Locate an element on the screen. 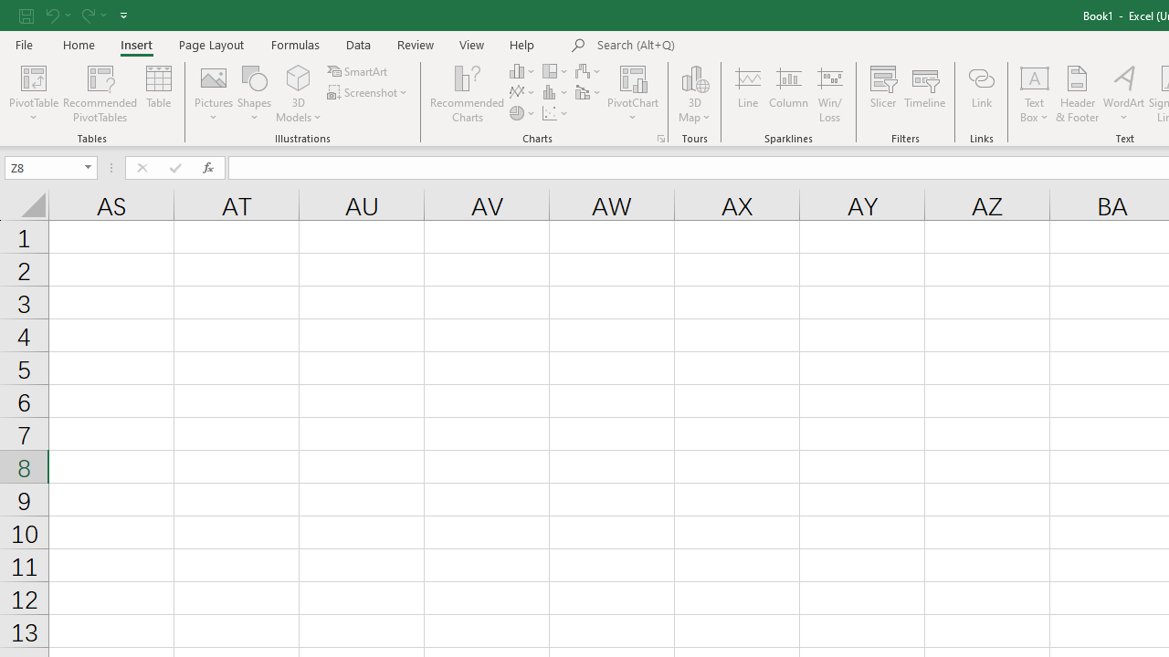 This screenshot has height=657, width=1169. '3D Models' is located at coordinates (299, 77).